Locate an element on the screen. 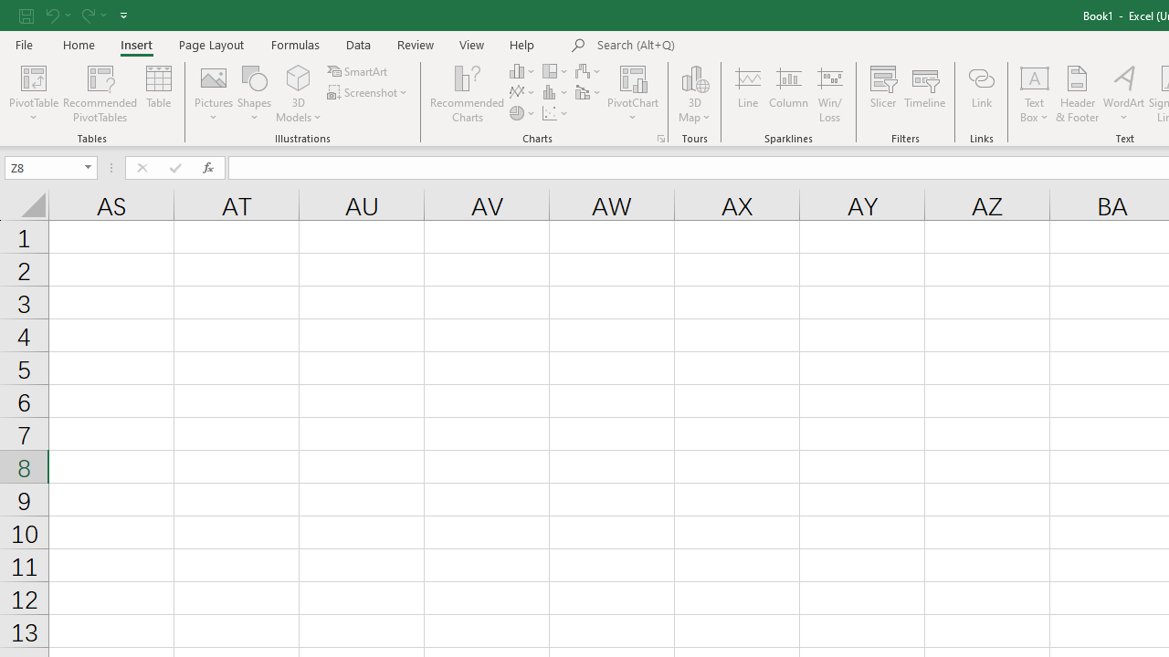 This screenshot has height=657, width=1169. '3D Models' is located at coordinates (299, 77).